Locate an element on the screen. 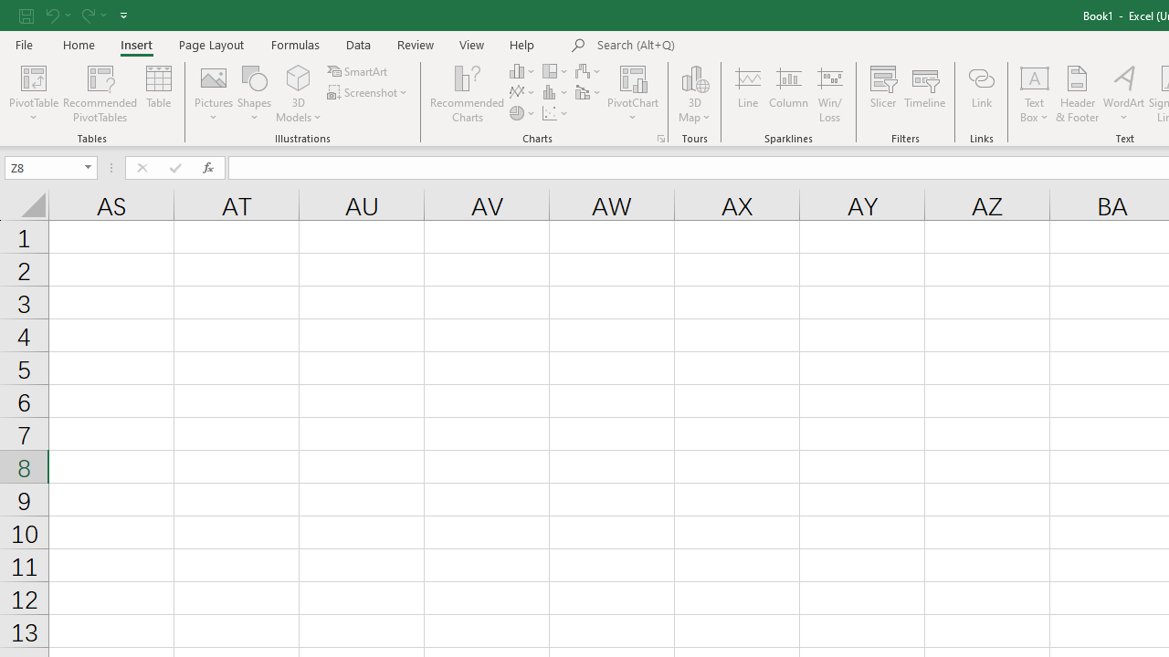 This screenshot has height=657, width=1169. '3D Models' is located at coordinates (299, 77).